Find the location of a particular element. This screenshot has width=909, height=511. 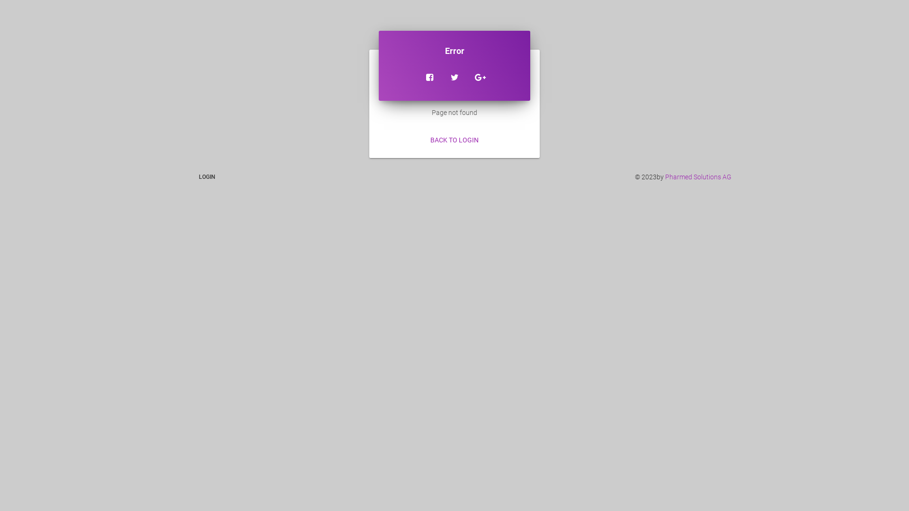

'LOGIN' is located at coordinates (206, 177).